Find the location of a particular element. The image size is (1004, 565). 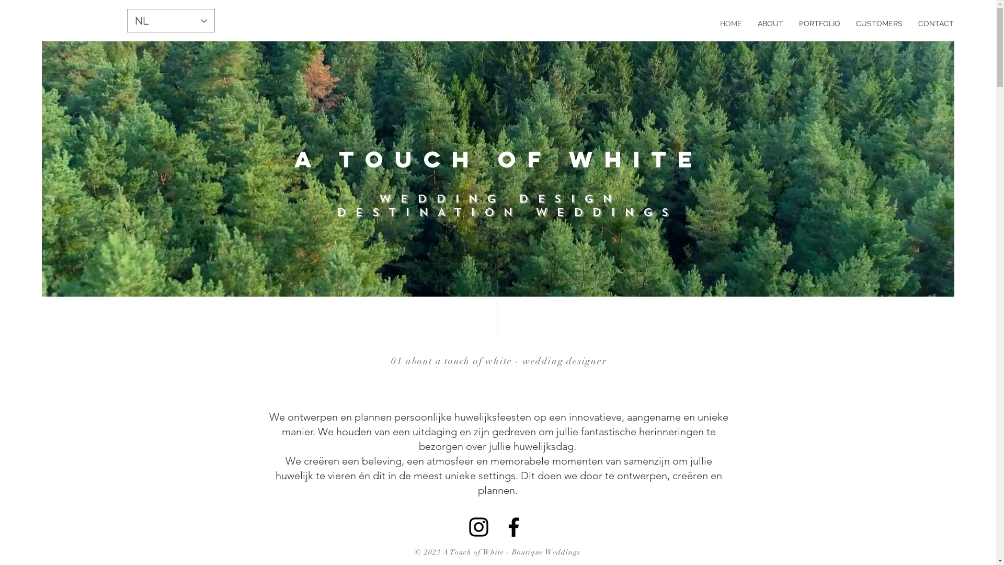

'CONTACT' is located at coordinates (936, 24).